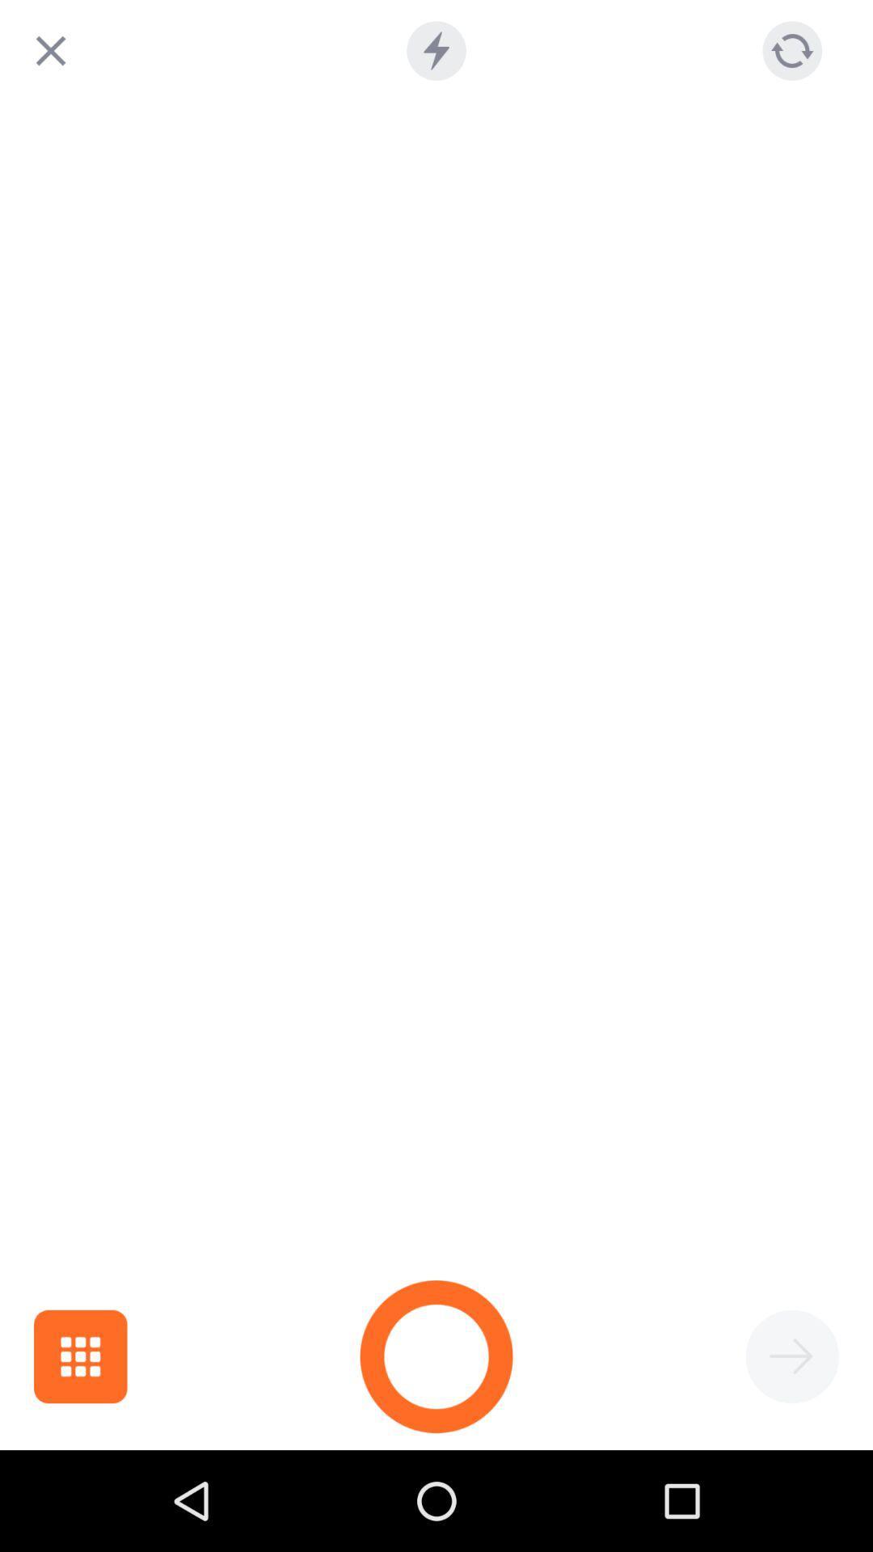  What do you see at coordinates (791, 50) in the screenshot?
I see `refresh page` at bounding box center [791, 50].